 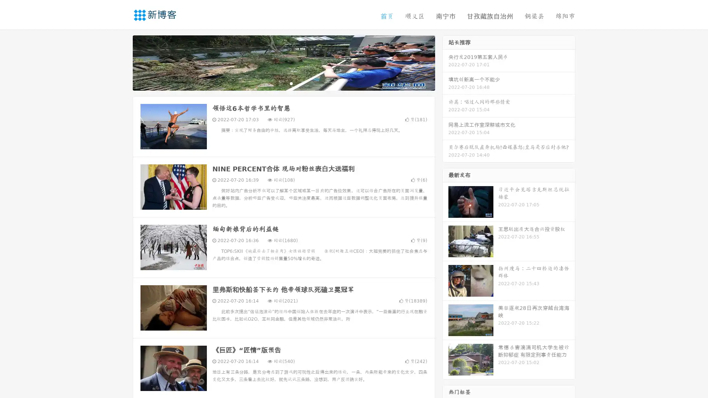 I want to click on Previous slide, so click(x=122, y=62).